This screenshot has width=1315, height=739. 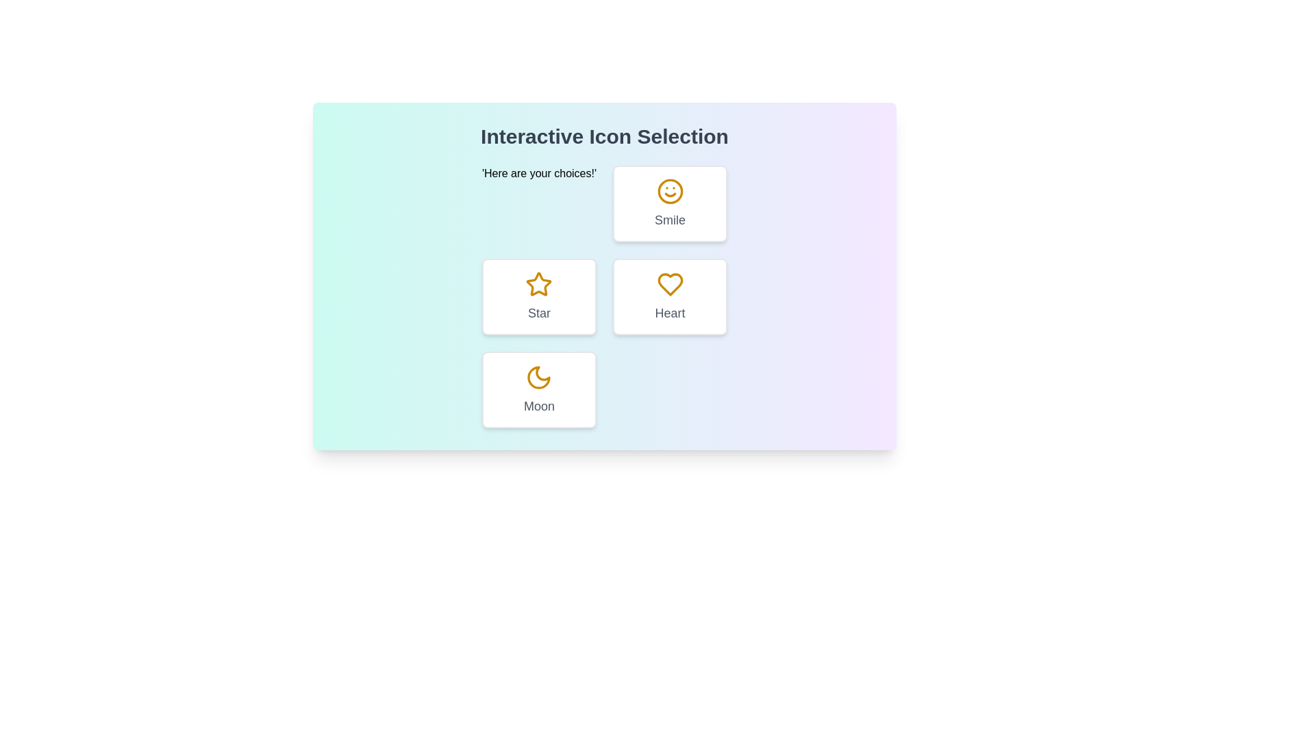 What do you see at coordinates (670, 296) in the screenshot?
I see `the heart selection button located in the second row and second column of the interactive choices grid titled 'Here are your choices!'` at bounding box center [670, 296].